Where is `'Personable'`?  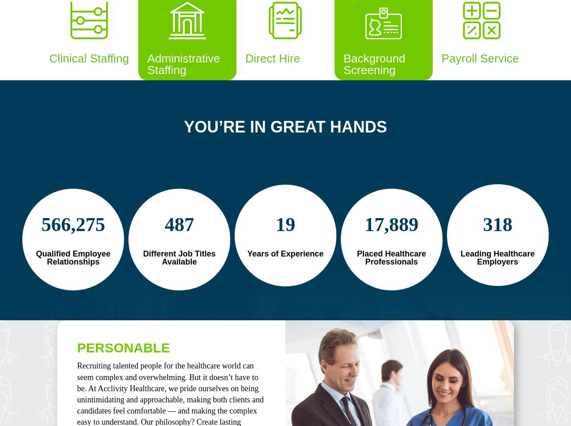 'Personable' is located at coordinates (123, 347).